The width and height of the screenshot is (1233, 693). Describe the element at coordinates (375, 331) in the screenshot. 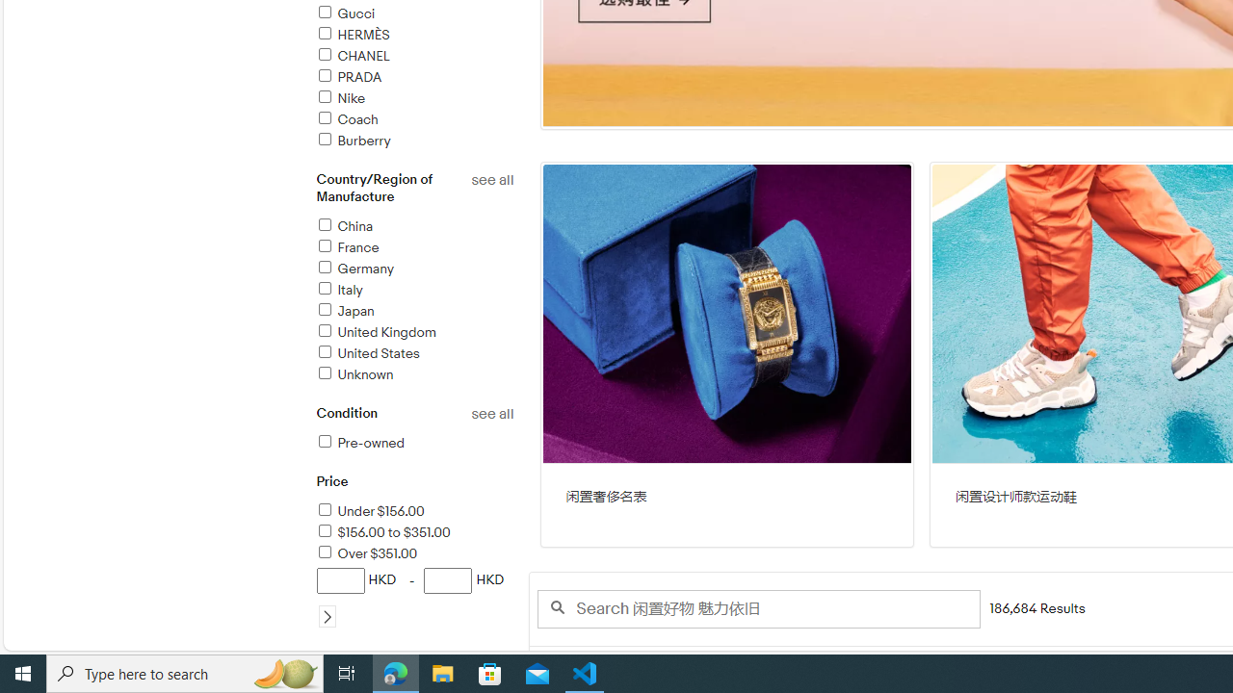

I see `'United Kingdom'` at that location.